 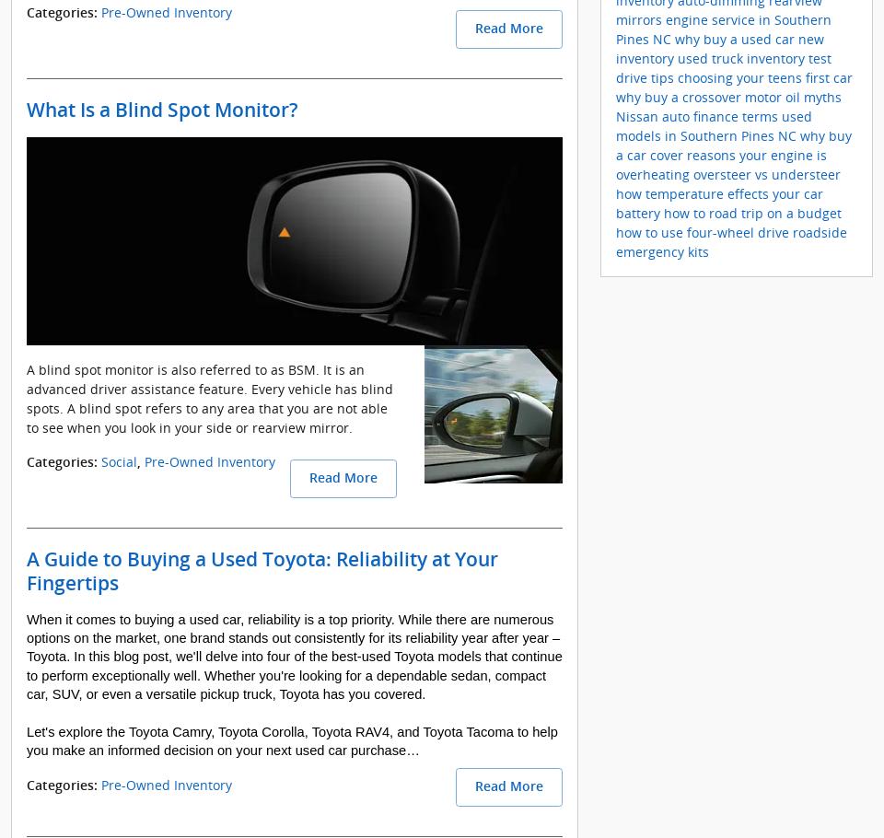 What do you see at coordinates (677, 57) in the screenshot?
I see `'used truck inventory'` at bounding box center [677, 57].